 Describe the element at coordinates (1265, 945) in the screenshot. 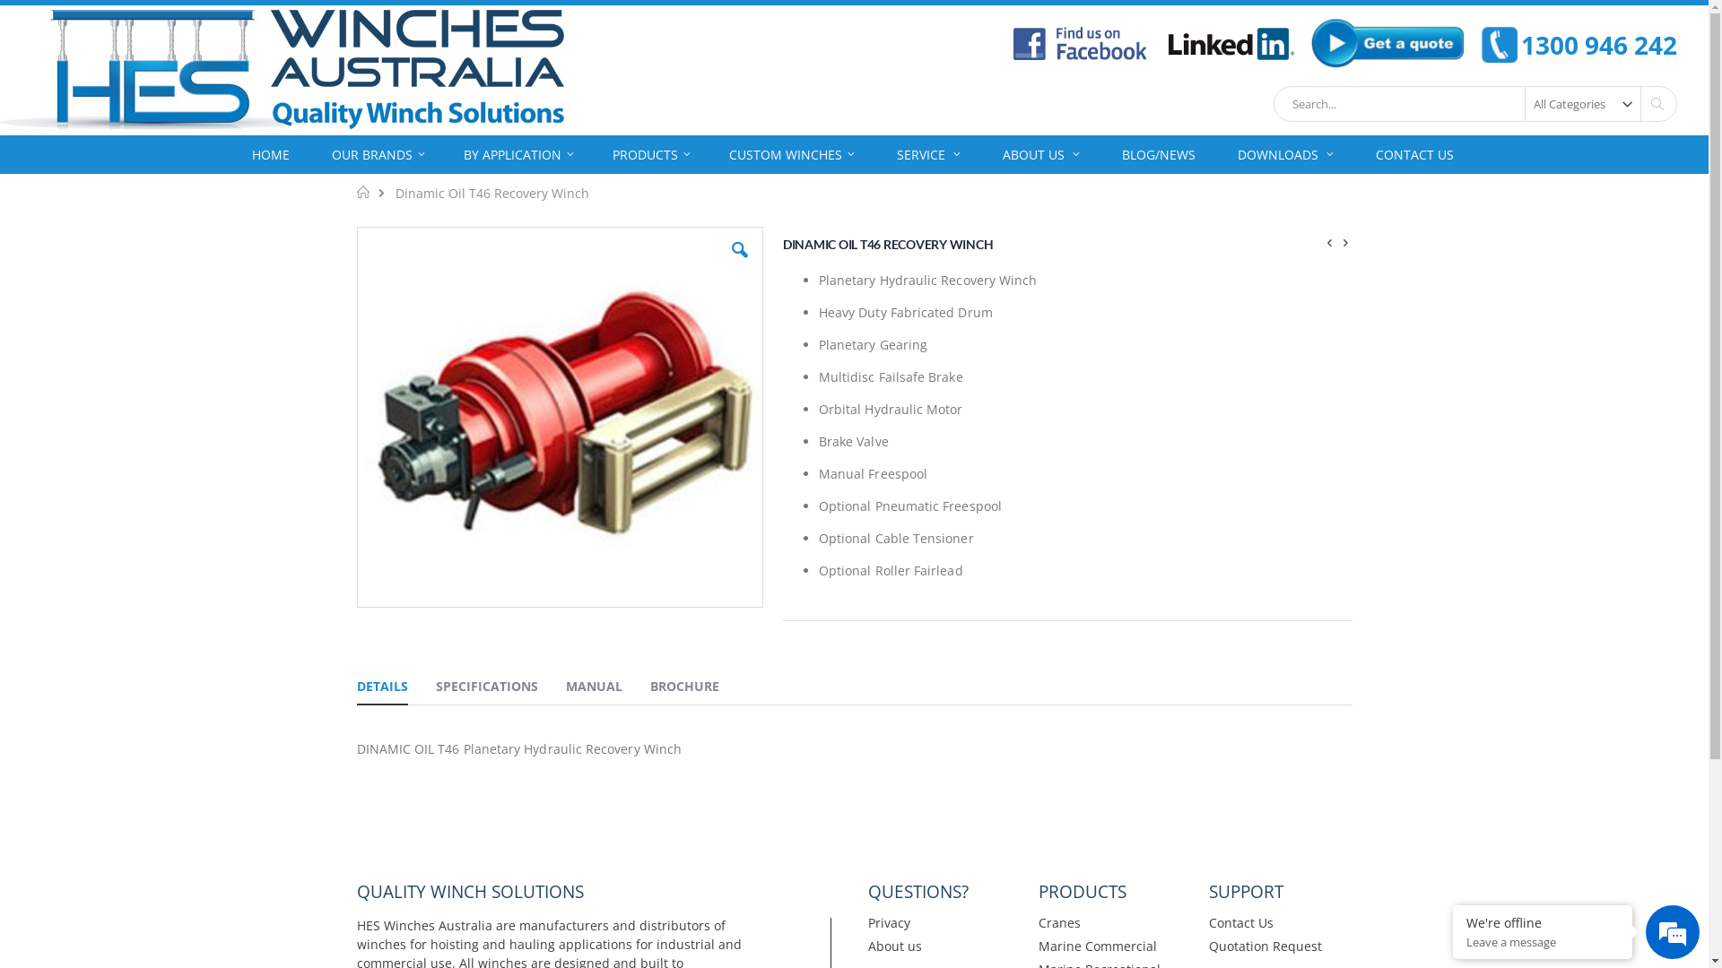

I see `'Quotation Request'` at that location.